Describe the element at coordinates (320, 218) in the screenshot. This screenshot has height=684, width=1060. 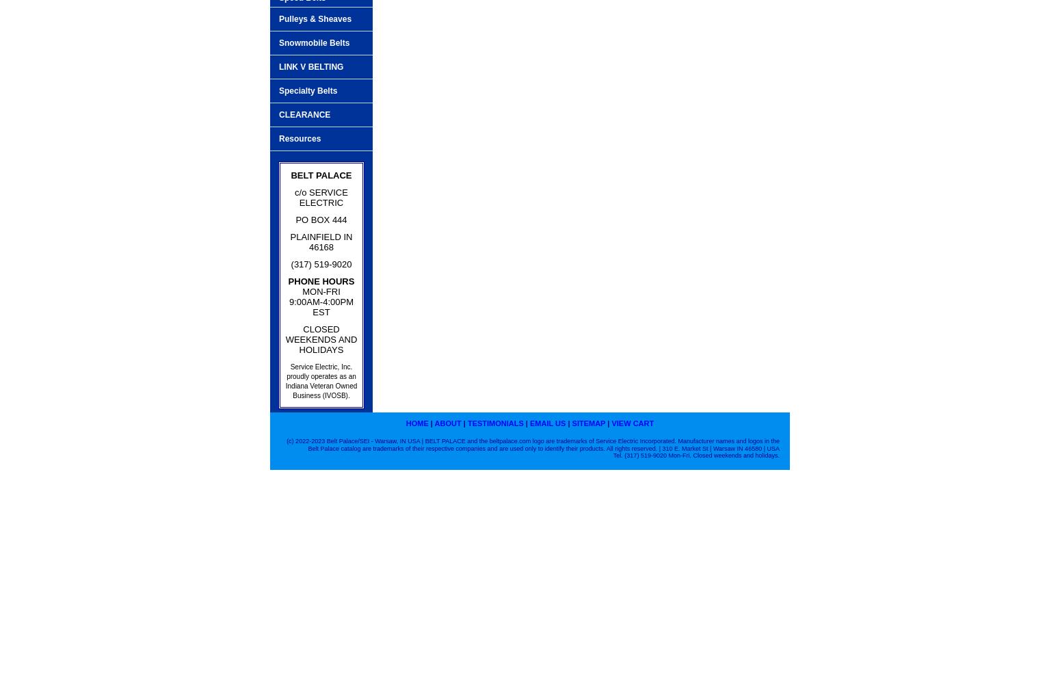
I see `'PO BOX 444'` at that location.